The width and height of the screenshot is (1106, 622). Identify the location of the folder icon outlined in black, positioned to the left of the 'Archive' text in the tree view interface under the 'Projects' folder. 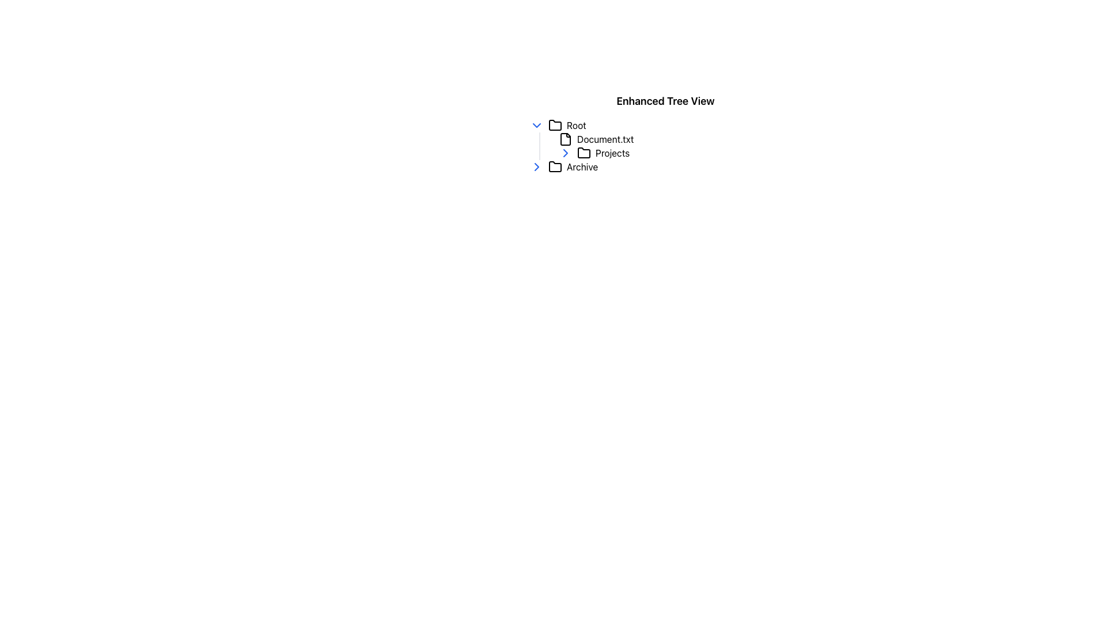
(555, 166).